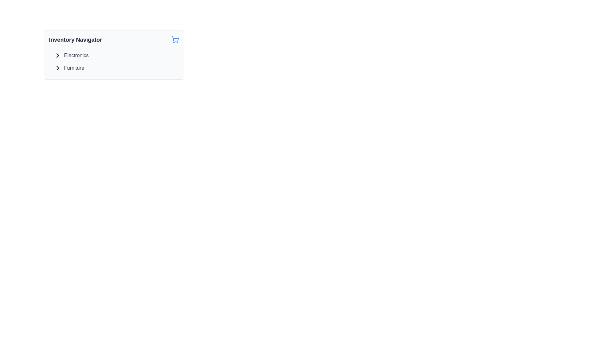 This screenshot has width=603, height=339. Describe the element at coordinates (57, 55) in the screenshot. I see `the chevron right arrow icon` at that location.